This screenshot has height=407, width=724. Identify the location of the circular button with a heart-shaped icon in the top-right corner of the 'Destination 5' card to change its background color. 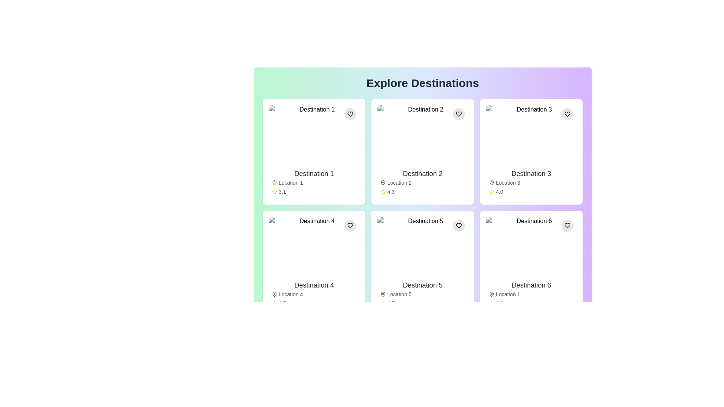
(459, 225).